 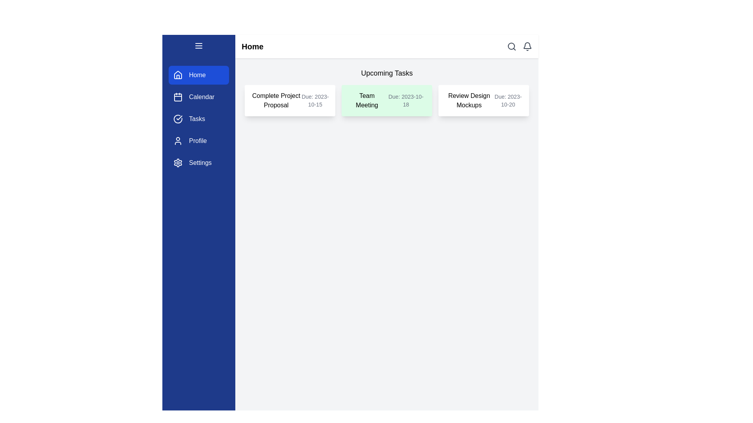 I want to click on the inner circle of the magnifying glass icon, which signifies search functionality, located at the top-right corner of the header bar, so click(x=511, y=46).